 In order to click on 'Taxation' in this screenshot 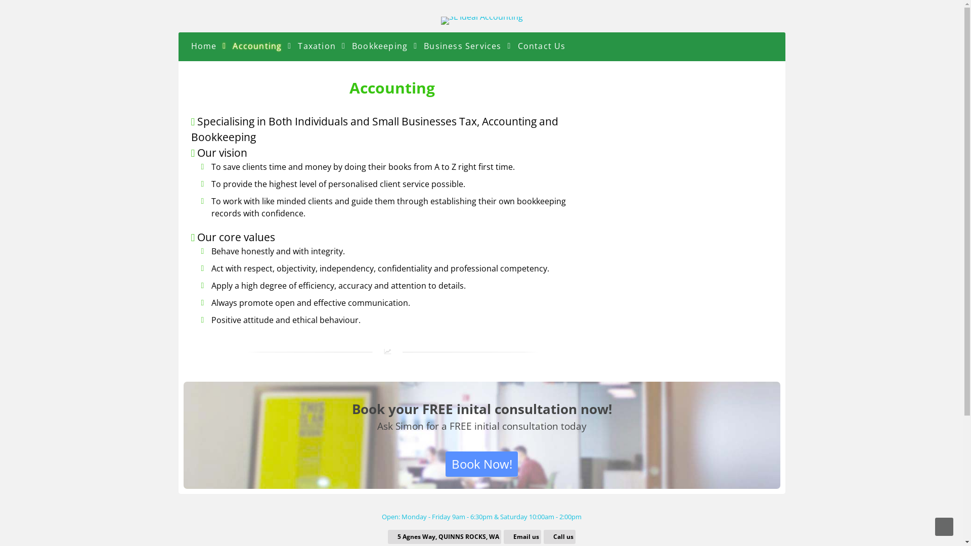, I will do `click(316, 44)`.